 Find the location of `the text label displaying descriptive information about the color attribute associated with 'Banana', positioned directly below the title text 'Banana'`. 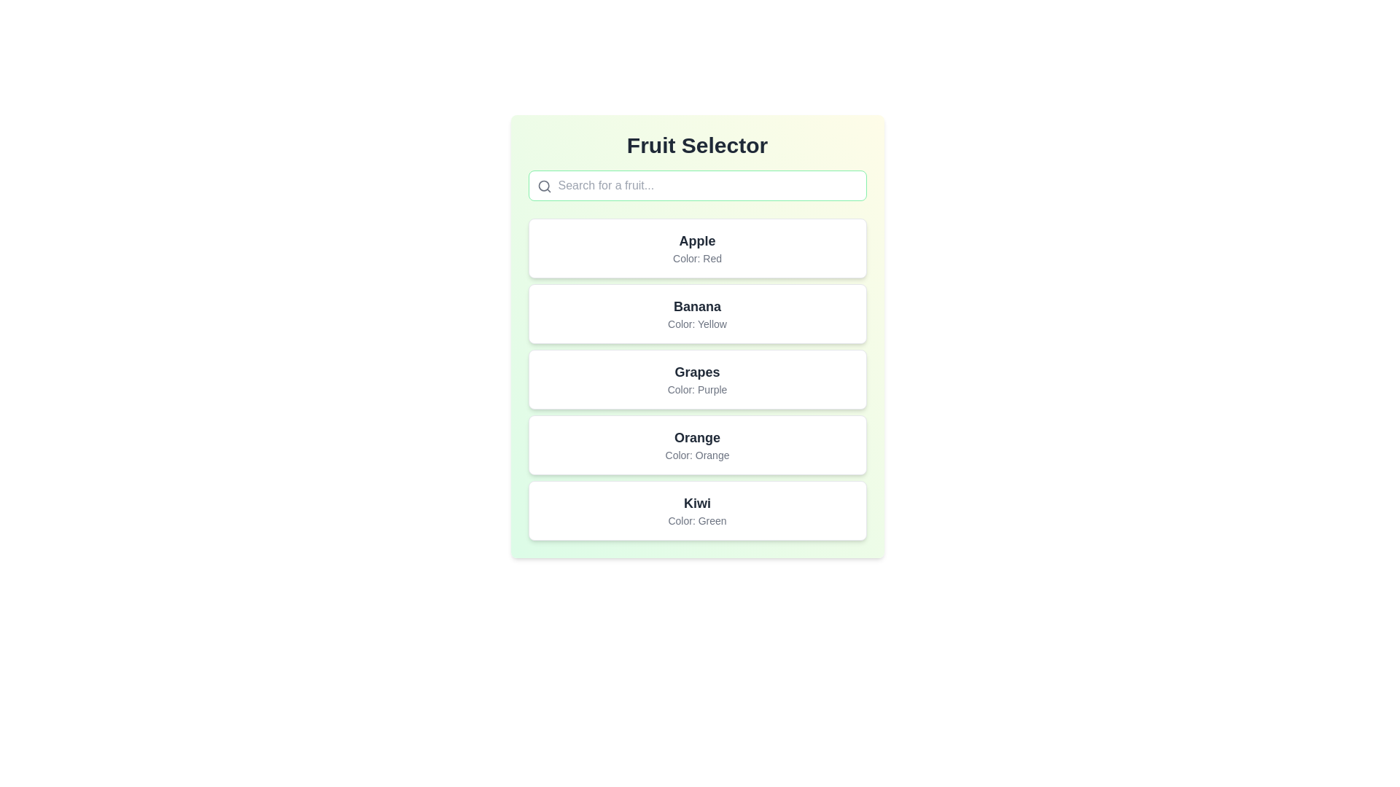

the text label displaying descriptive information about the color attribute associated with 'Banana', positioned directly below the title text 'Banana' is located at coordinates (696, 323).